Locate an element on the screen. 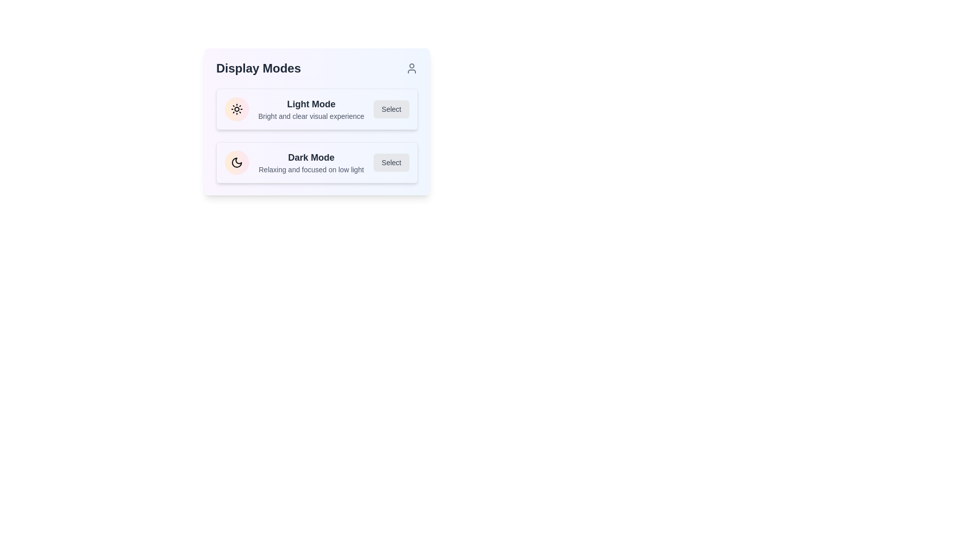  the rounded gradient icon with a black crescent moon graphic, located to the left of 'Dark Mode' in the 'Display Modes' section is located at coordinates (236, 162).